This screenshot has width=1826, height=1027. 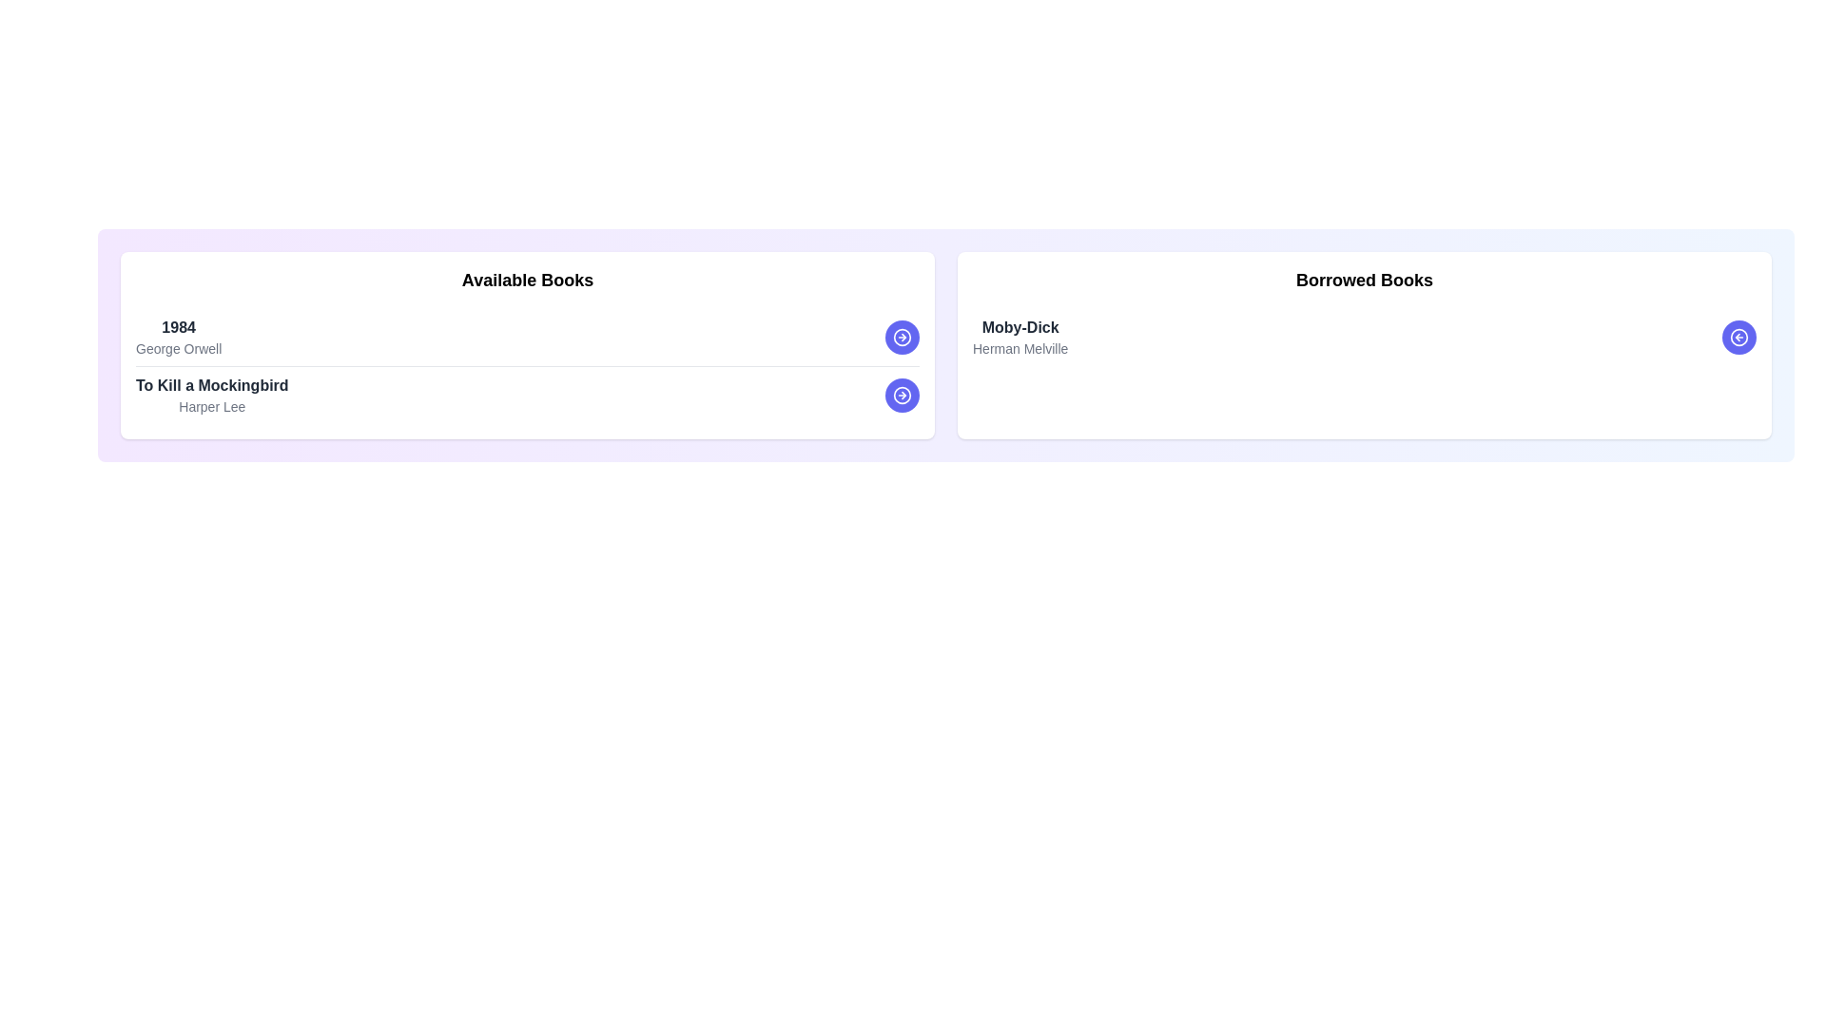 What do you see at coordinates (528, 280) in the screenshot?
I see `the section headers to visually identify the categories of books` at bounding box center [528, 280].